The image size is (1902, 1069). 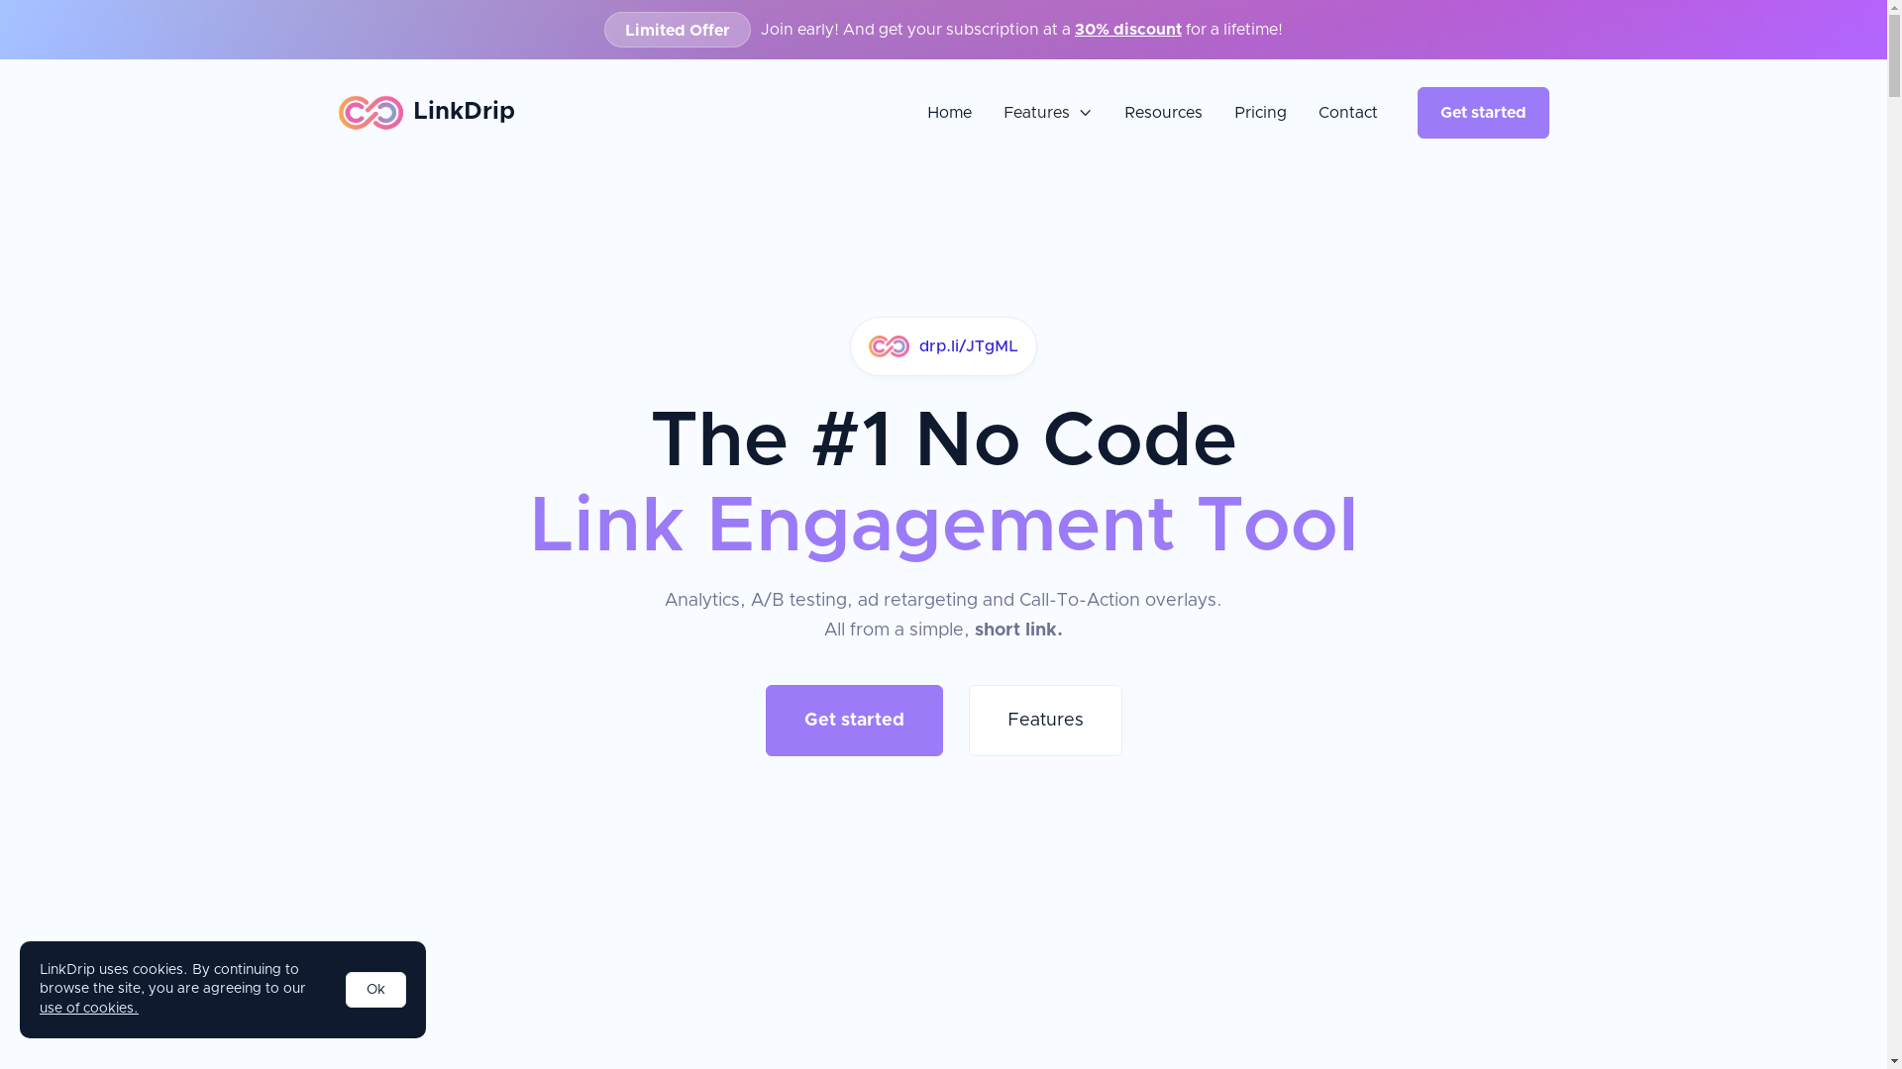 What do you see at coordinates (1346, 113) in the screenshot?
I see `'Contact'` at bounding box center [1346, 113].